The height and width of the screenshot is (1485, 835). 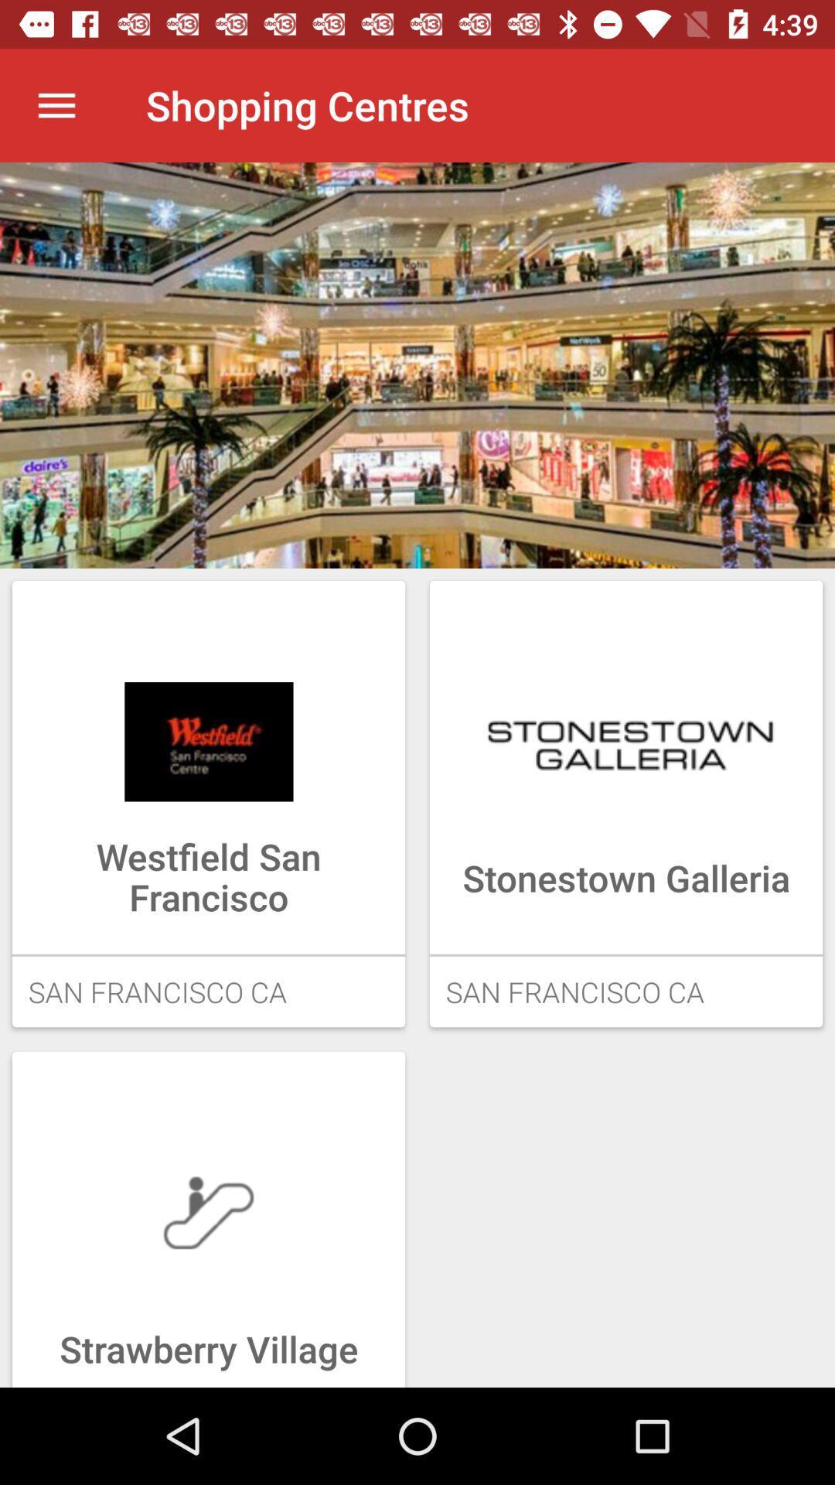 What do you see at coordinates (56, 104) in the screenshot?
I see `the item to the left of shopping centres item` at bounding box center [56, 104].